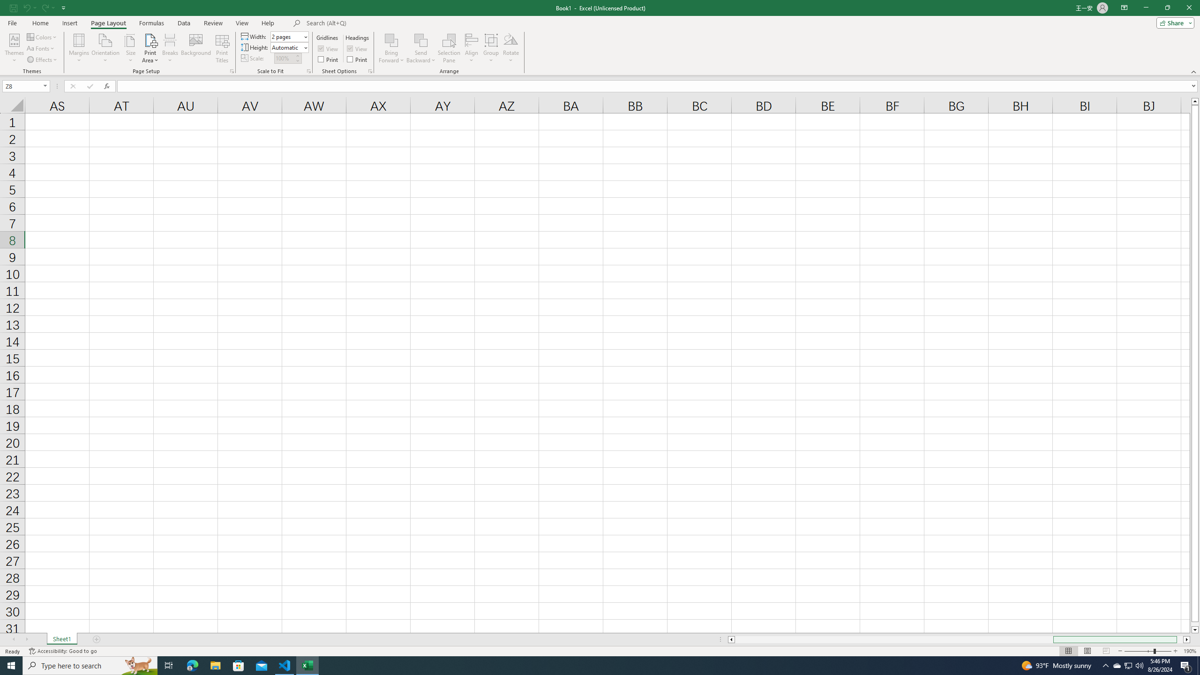 Image resolution: width=1200 pixels, height=675 pixels. I want to click on 'Undo', so click(29, 7).